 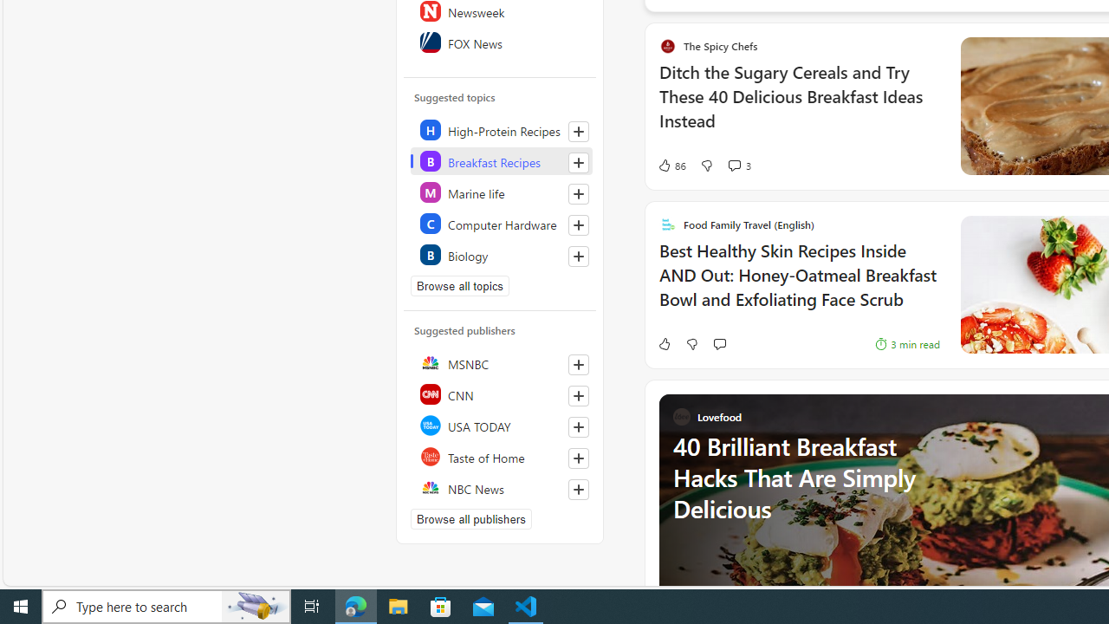 I want to click on 'Like', so click(x=663, y=344).